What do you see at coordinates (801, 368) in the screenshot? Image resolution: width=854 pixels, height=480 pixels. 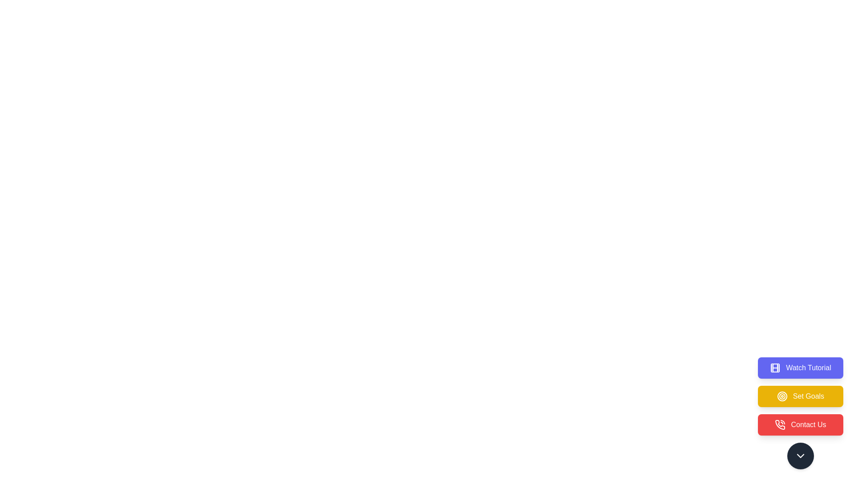 I see `the button labeled Watch Tutorial to observe its hover effect` at bounding box center [801, 368].